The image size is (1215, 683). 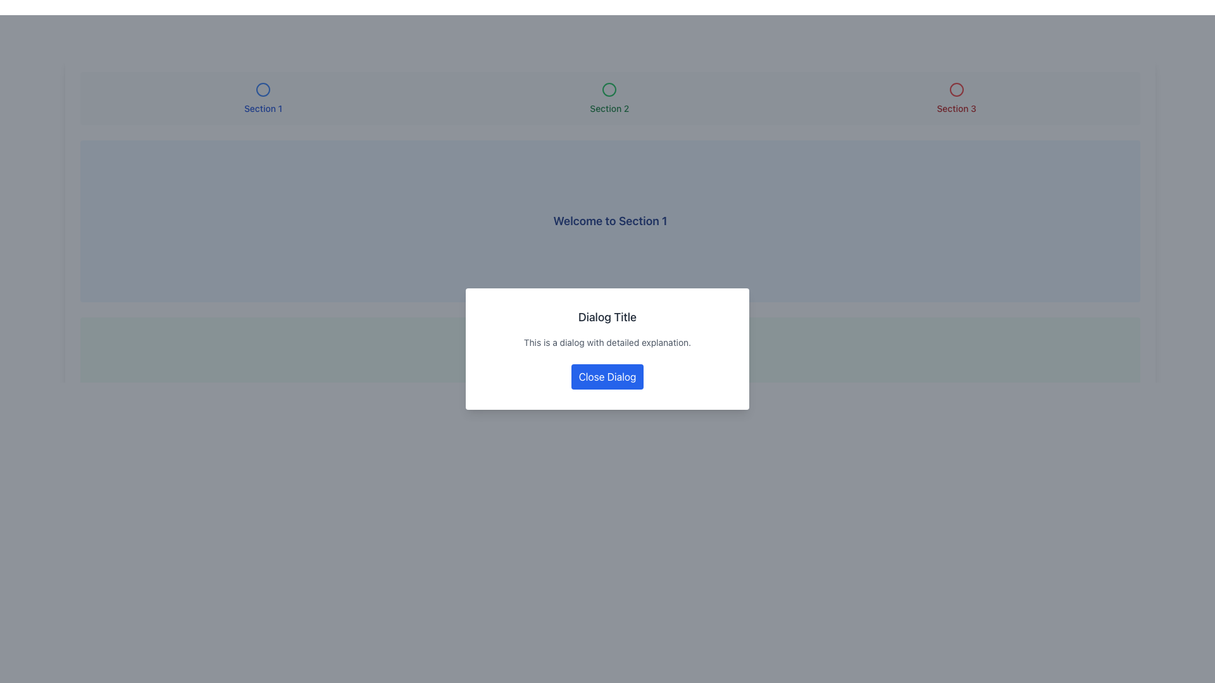 I want to click on the Text Label that provides context for the dialog box, positioned below 'Dialog Title' and above the 'Close Dialog' button, so click(x=607, y=343).